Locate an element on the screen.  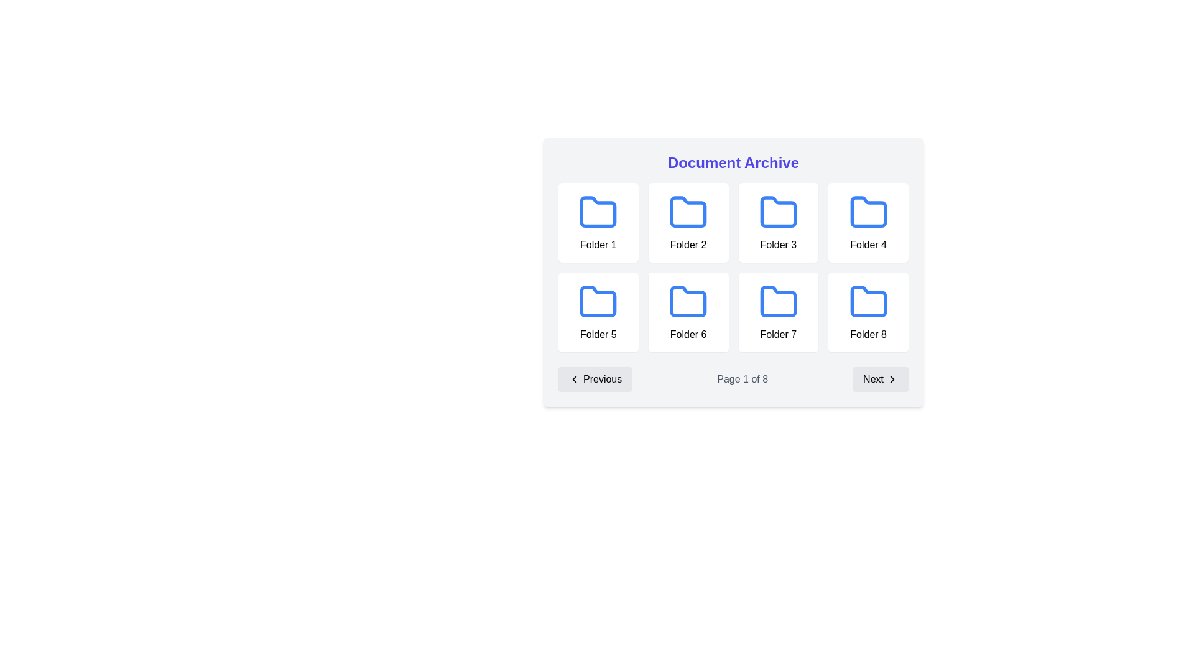
the folder representation element labeled 'Folder 2', which is a rectangular panel with a white background and a blue folder icon, located in the grid layout is located at coordinates (688, 222).